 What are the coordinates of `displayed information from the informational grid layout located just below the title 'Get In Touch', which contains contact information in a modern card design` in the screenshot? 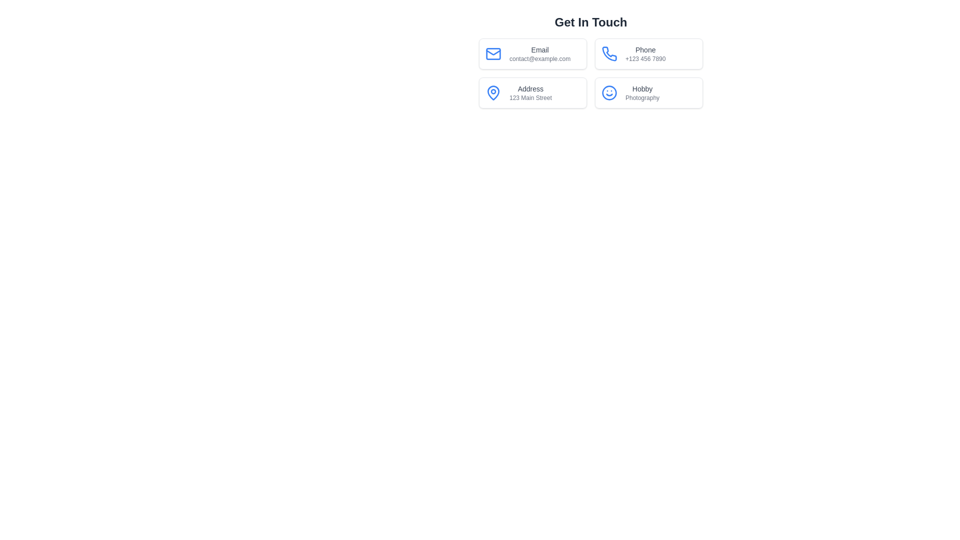 It's located at (590, 61).